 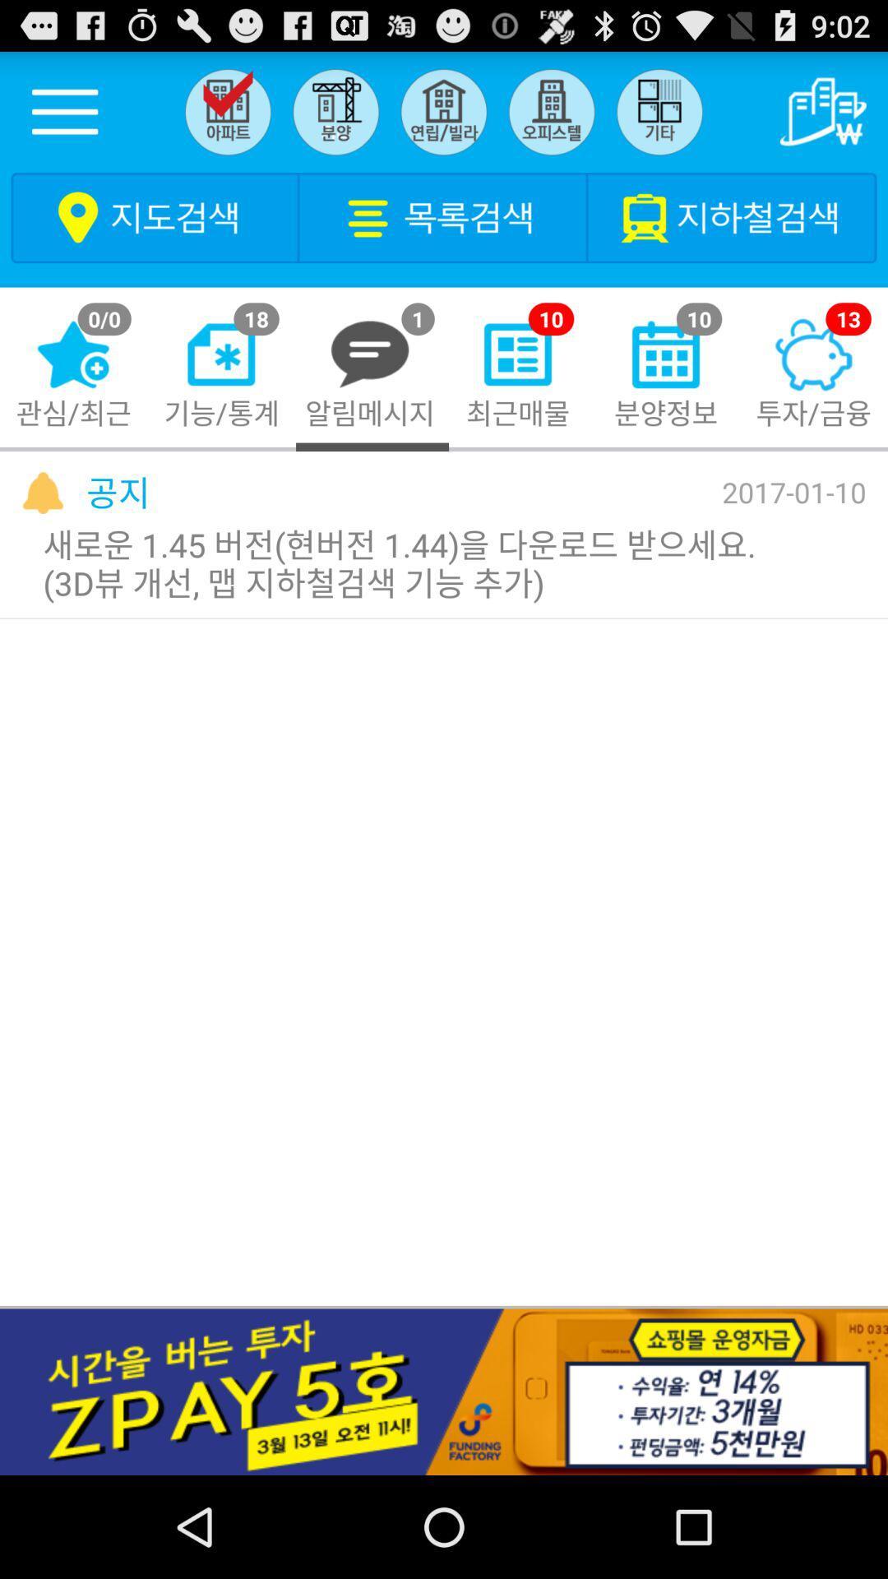 I want to click on the item next to the 2017-01-10 icon, so click(x=117, y=491).